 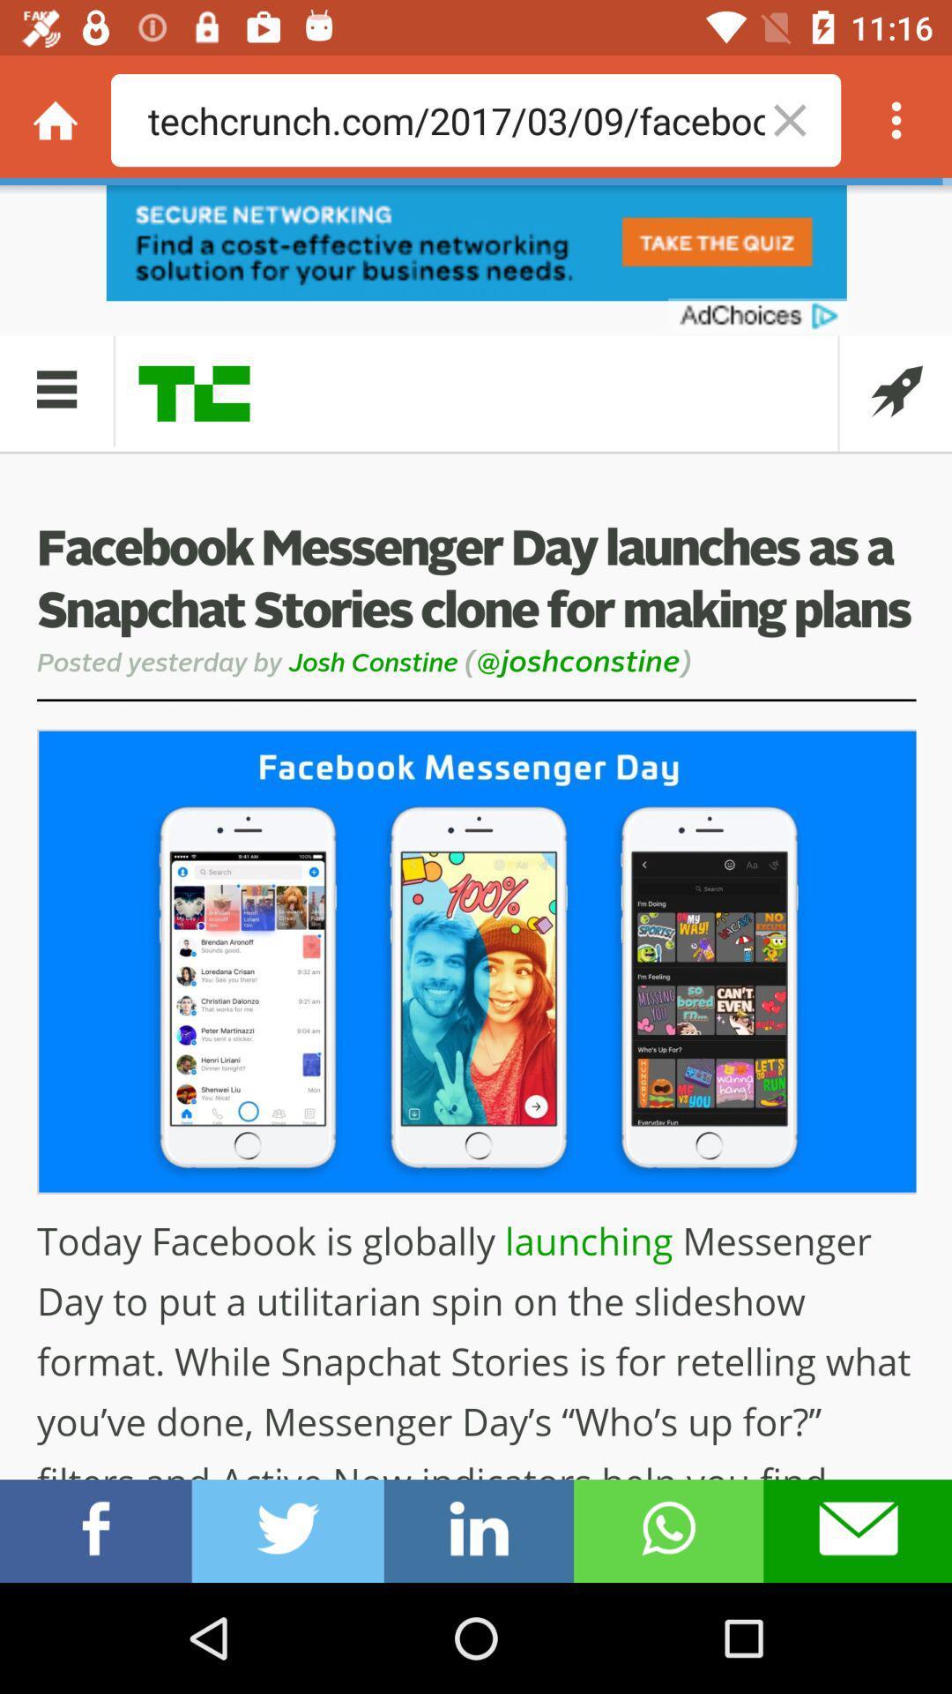 What do you see at coordinates (54, 119) in the screenshot?
I see `home page` at bounding box center [54, 119].